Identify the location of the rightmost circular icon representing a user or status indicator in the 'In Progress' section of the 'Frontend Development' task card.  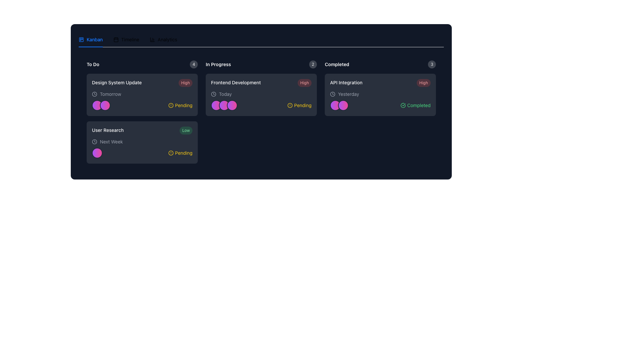
(232, 105).